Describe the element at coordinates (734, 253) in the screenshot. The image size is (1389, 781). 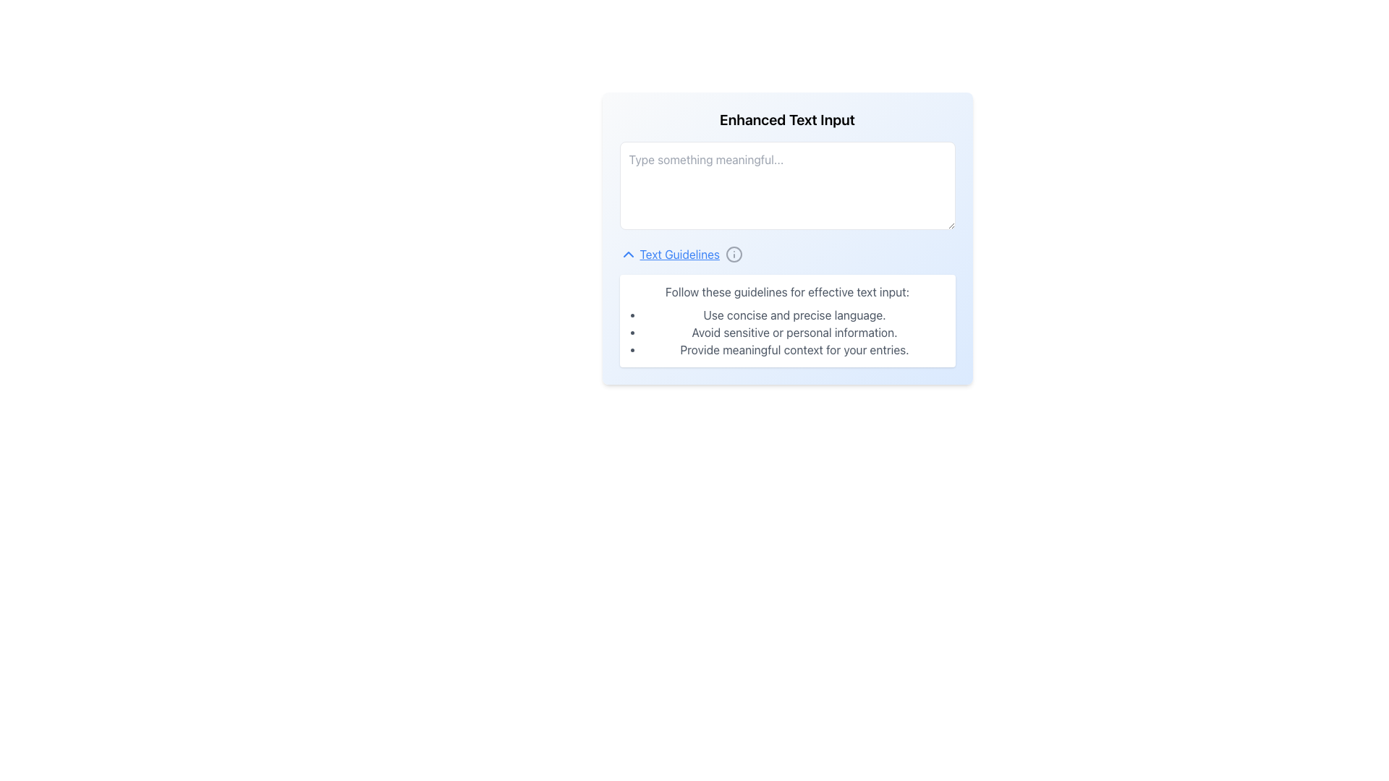
I see `the graphical vector component that is part of the information icon near the 'Text Guidelines' text hyperlink` at that location.